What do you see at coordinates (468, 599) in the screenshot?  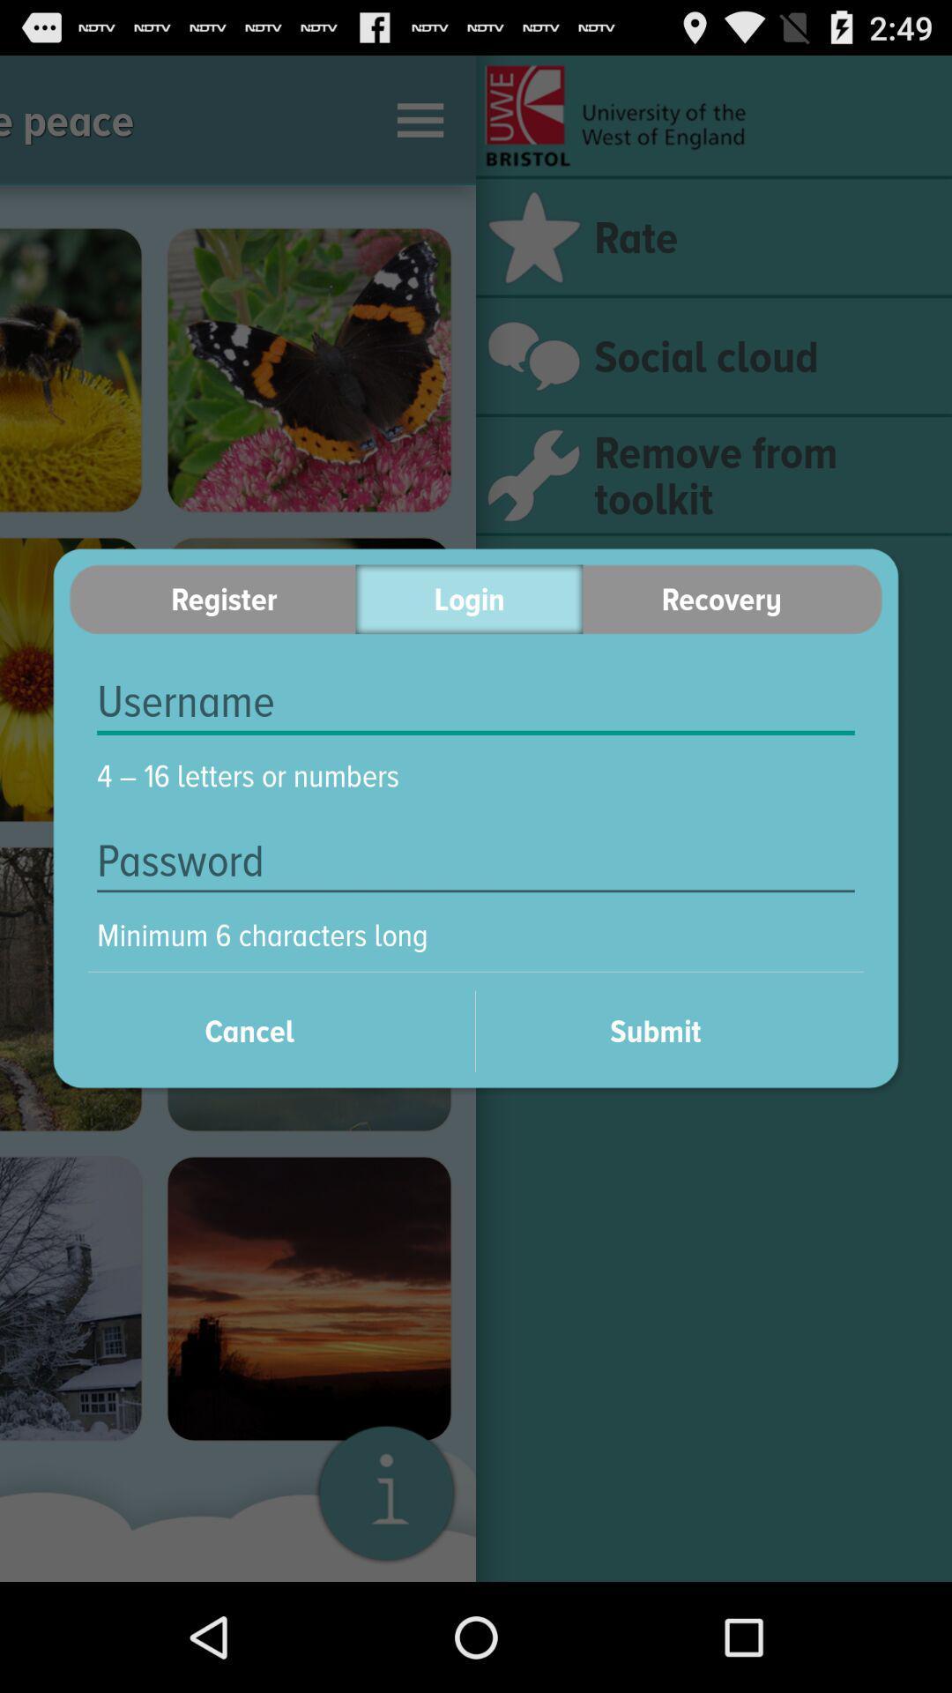 I see `the login item` at bounding box center [468, 599].